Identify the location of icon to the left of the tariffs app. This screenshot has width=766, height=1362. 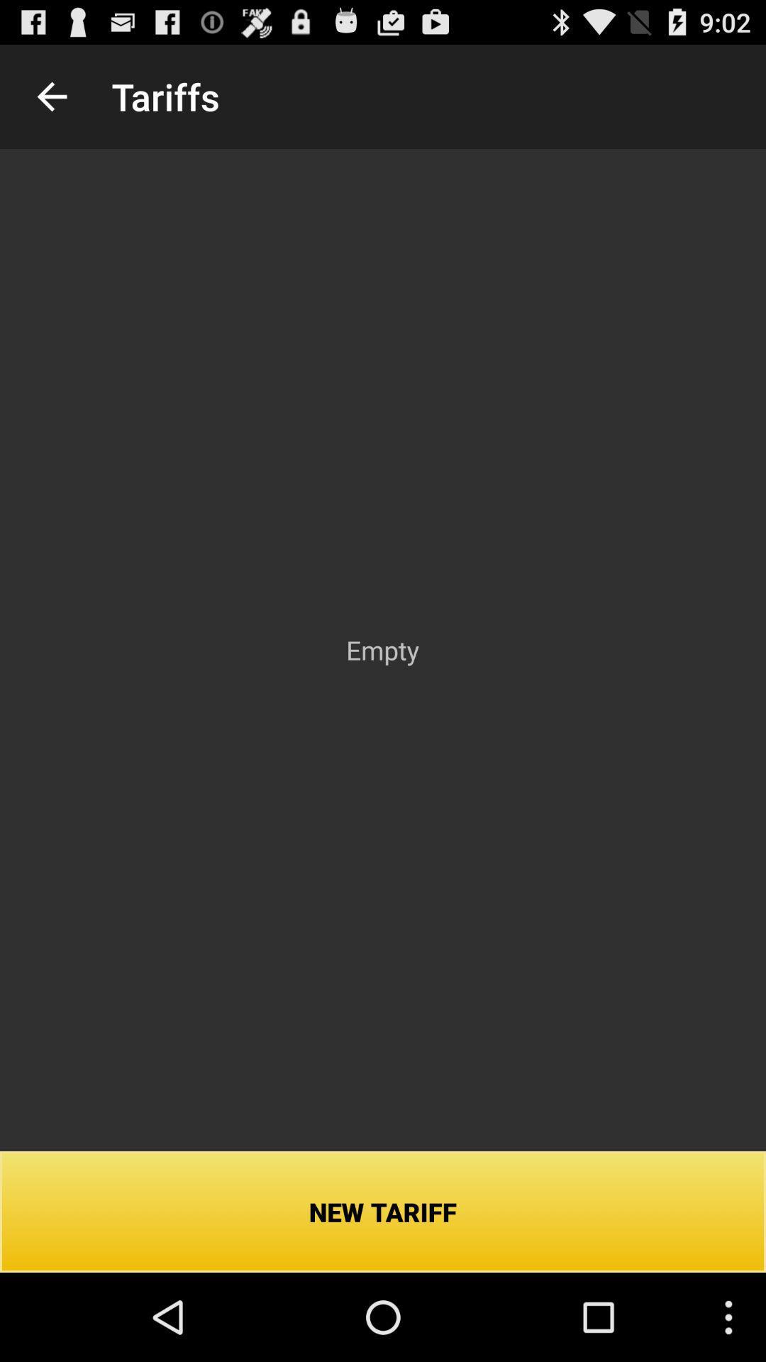
(51, 96).